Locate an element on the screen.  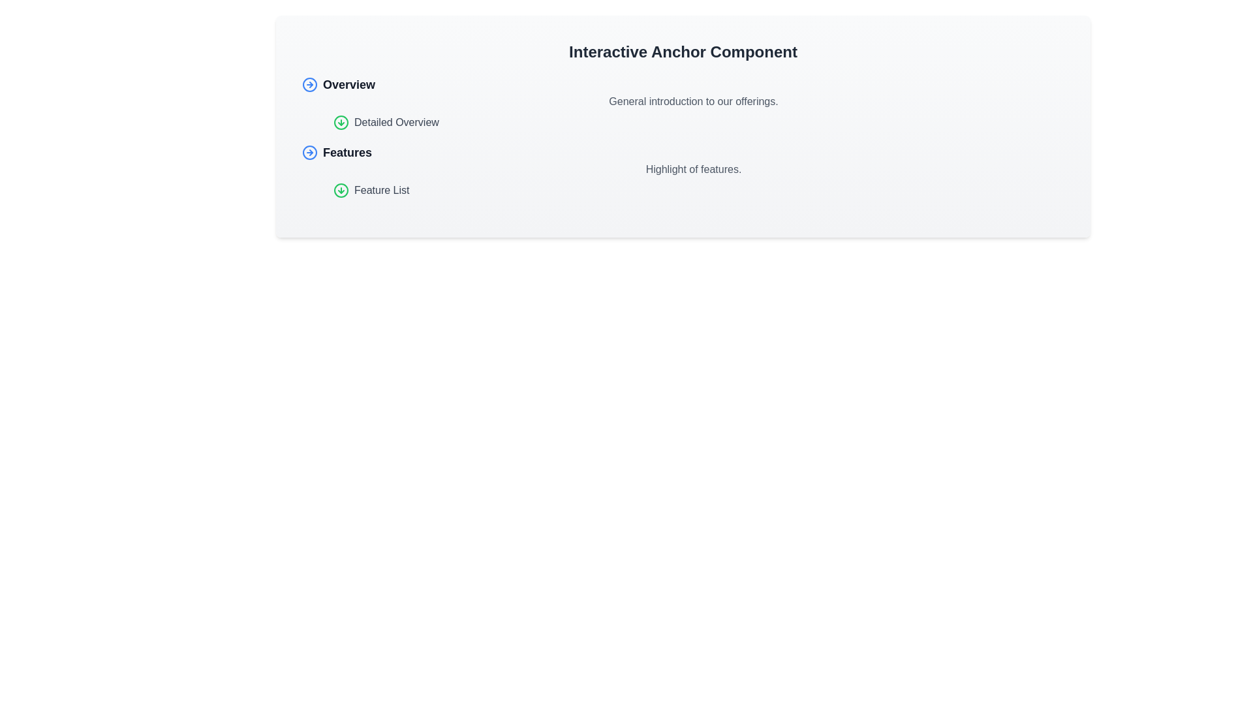
the circular green icon with a downward arrow located to the left of the 'Detailed Overview' text in the navigation menu is located at coordinates (341, 123).